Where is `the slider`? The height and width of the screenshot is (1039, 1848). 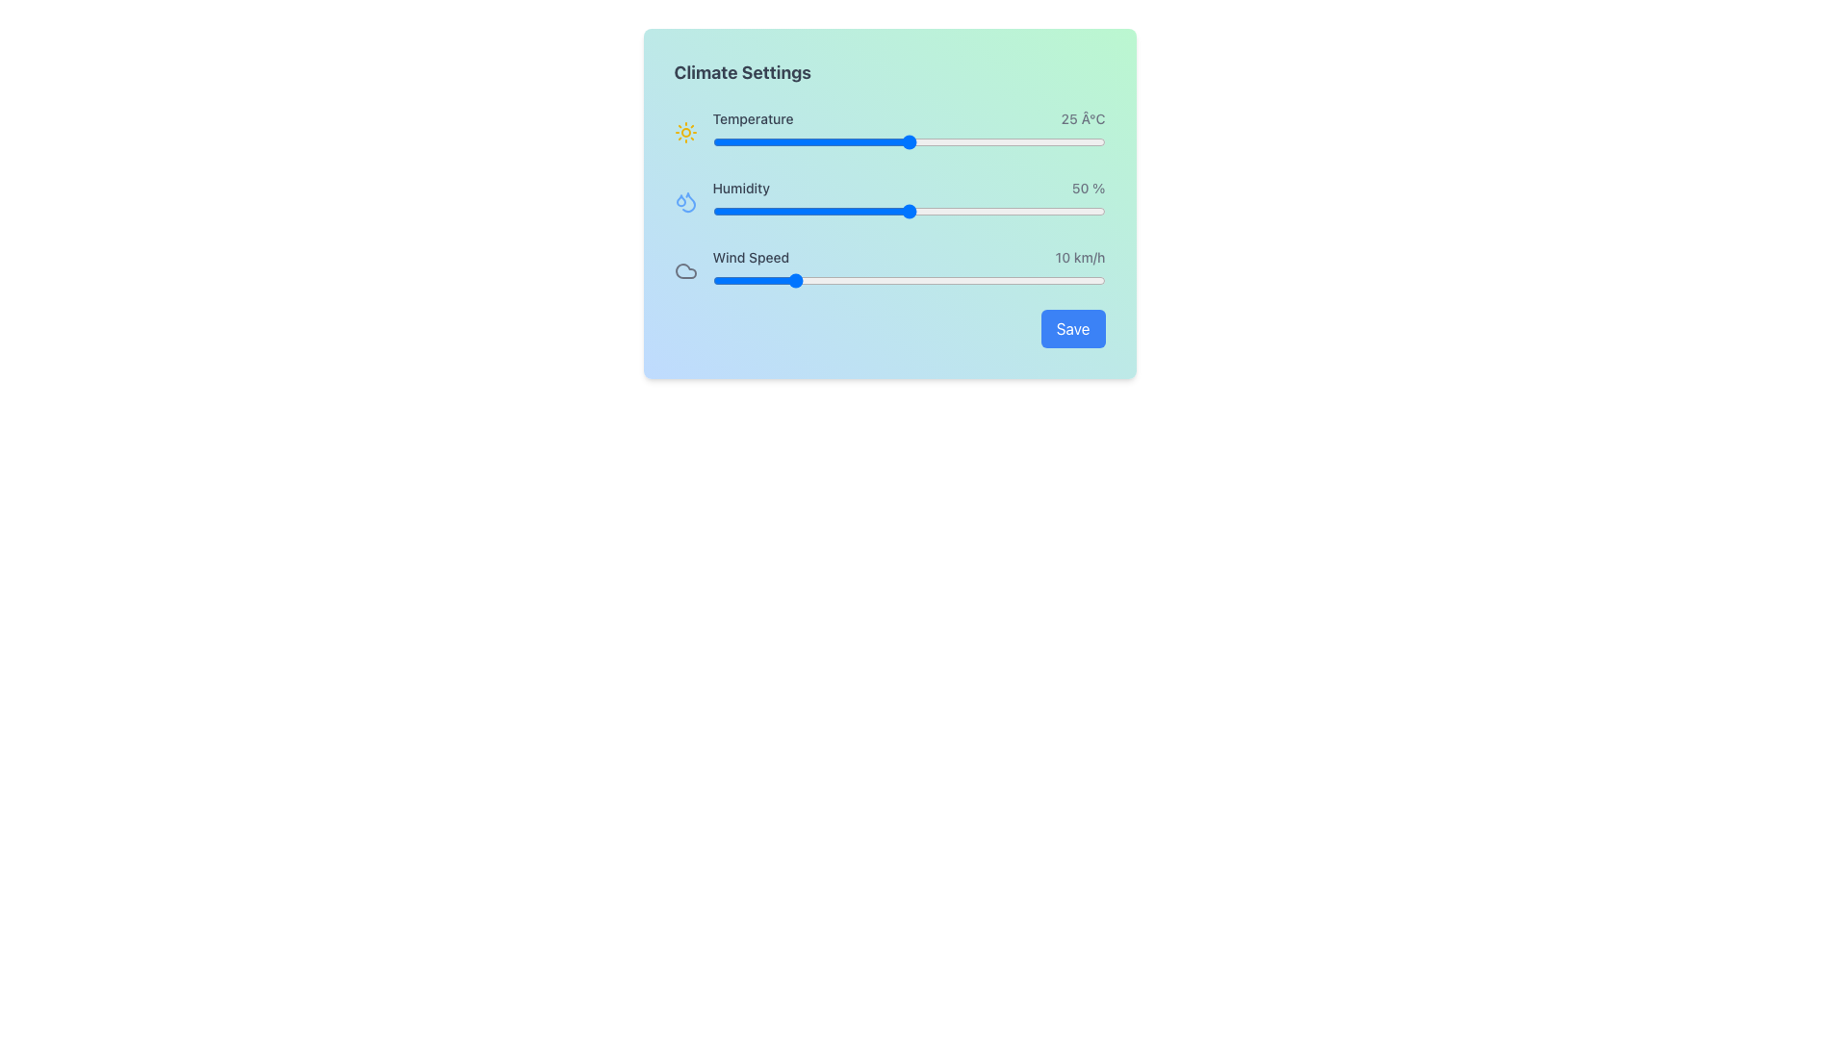 the slider is located at coordinates (876, 140).